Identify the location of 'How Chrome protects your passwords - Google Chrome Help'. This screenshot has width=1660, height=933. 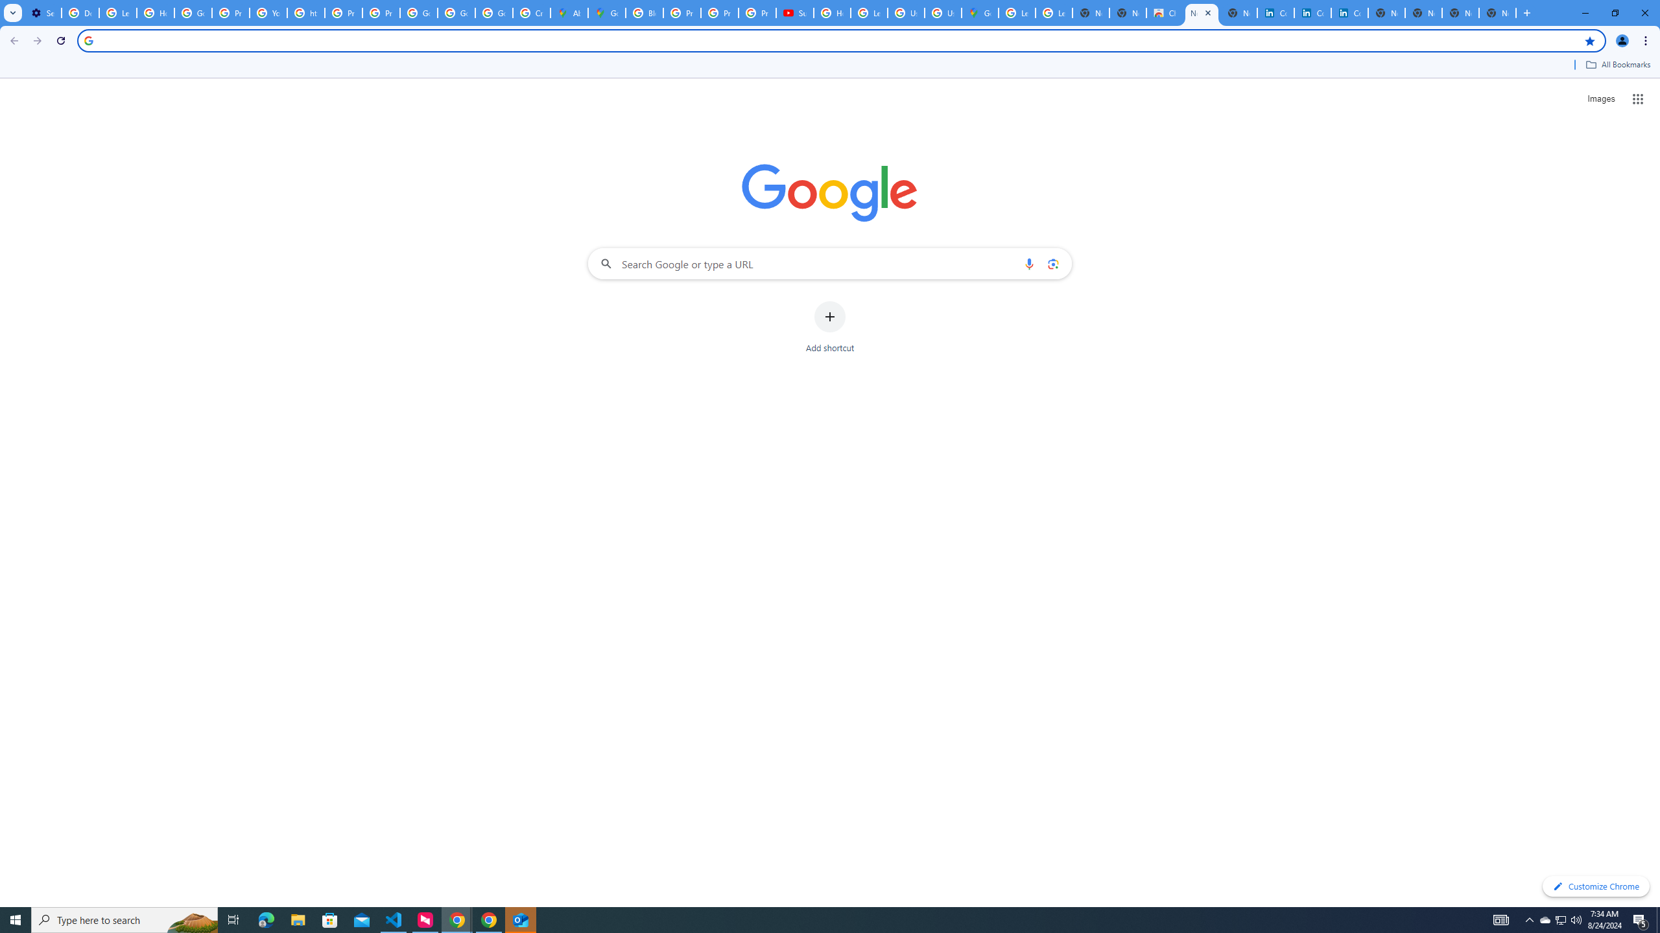
(832, 12).